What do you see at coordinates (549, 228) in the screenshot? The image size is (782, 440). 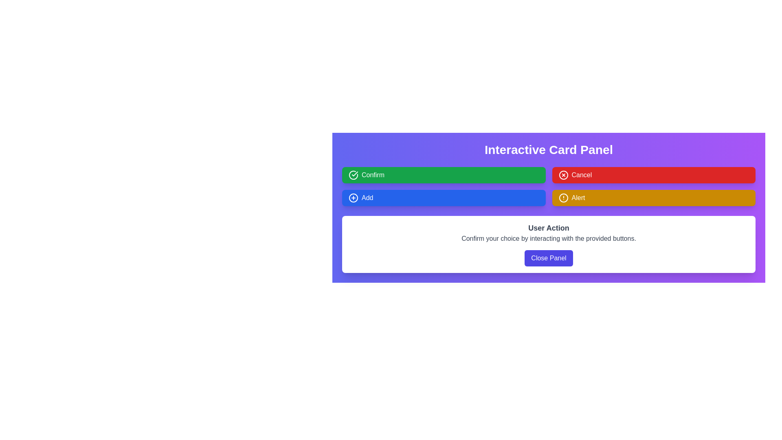 I see `text element labeled 'User Action' which is styled with a bold font, located within a white card panel on a purple background, positioned above the text 'Confirm your choice by interacting with the provided buttons'` at bounding box center [549, 228].